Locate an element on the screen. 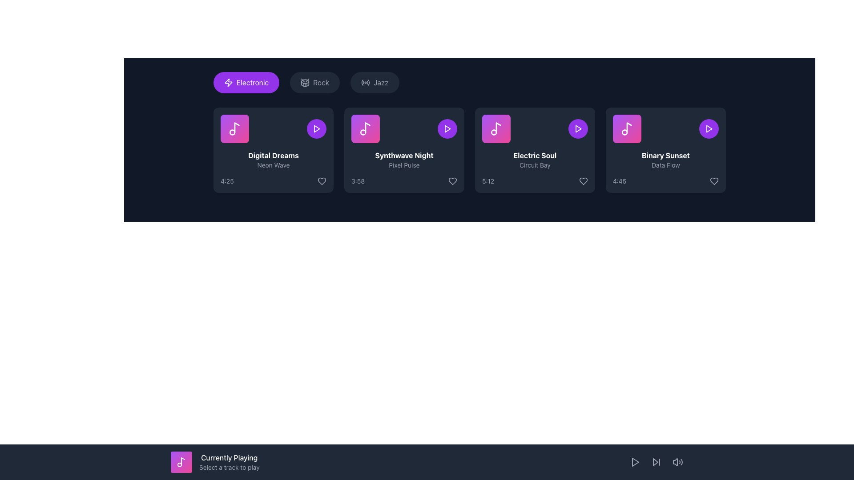 The height and width of the screenshot is (480, 854). the 'Electronic' category icon located in the top-left region of the interface, adjacent to the 'Rock' and 'Jazz' tags is located at coordinates (228, 82).